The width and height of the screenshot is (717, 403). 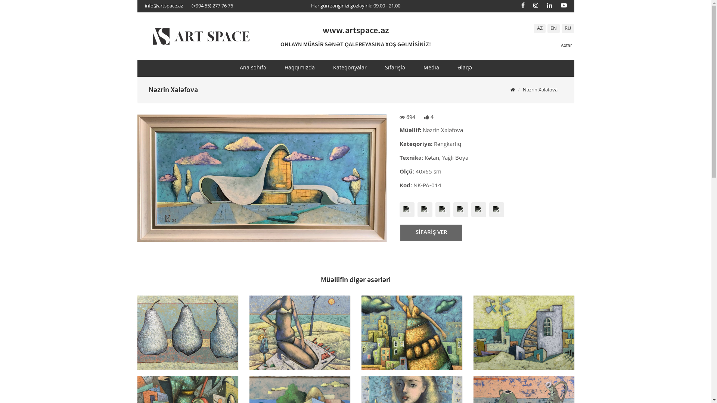 What do you see at coordinates (564, 5) in the screenshot?
I see `'Youtube'` at bounding box center [564, 5].